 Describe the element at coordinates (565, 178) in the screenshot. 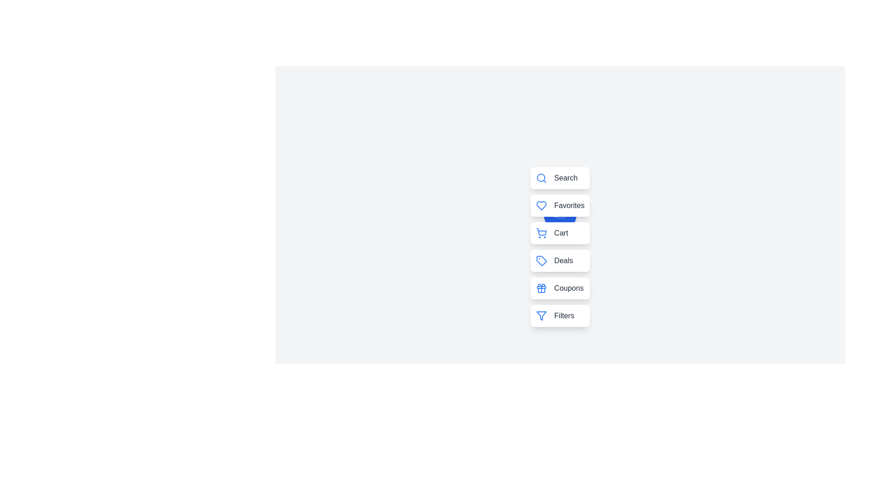

I see `the Text Label that indicates the purpose of the associated button or interactive search feature, positioned to the right of the magnifying glass icon at the top of a vertical list of options` at that location.